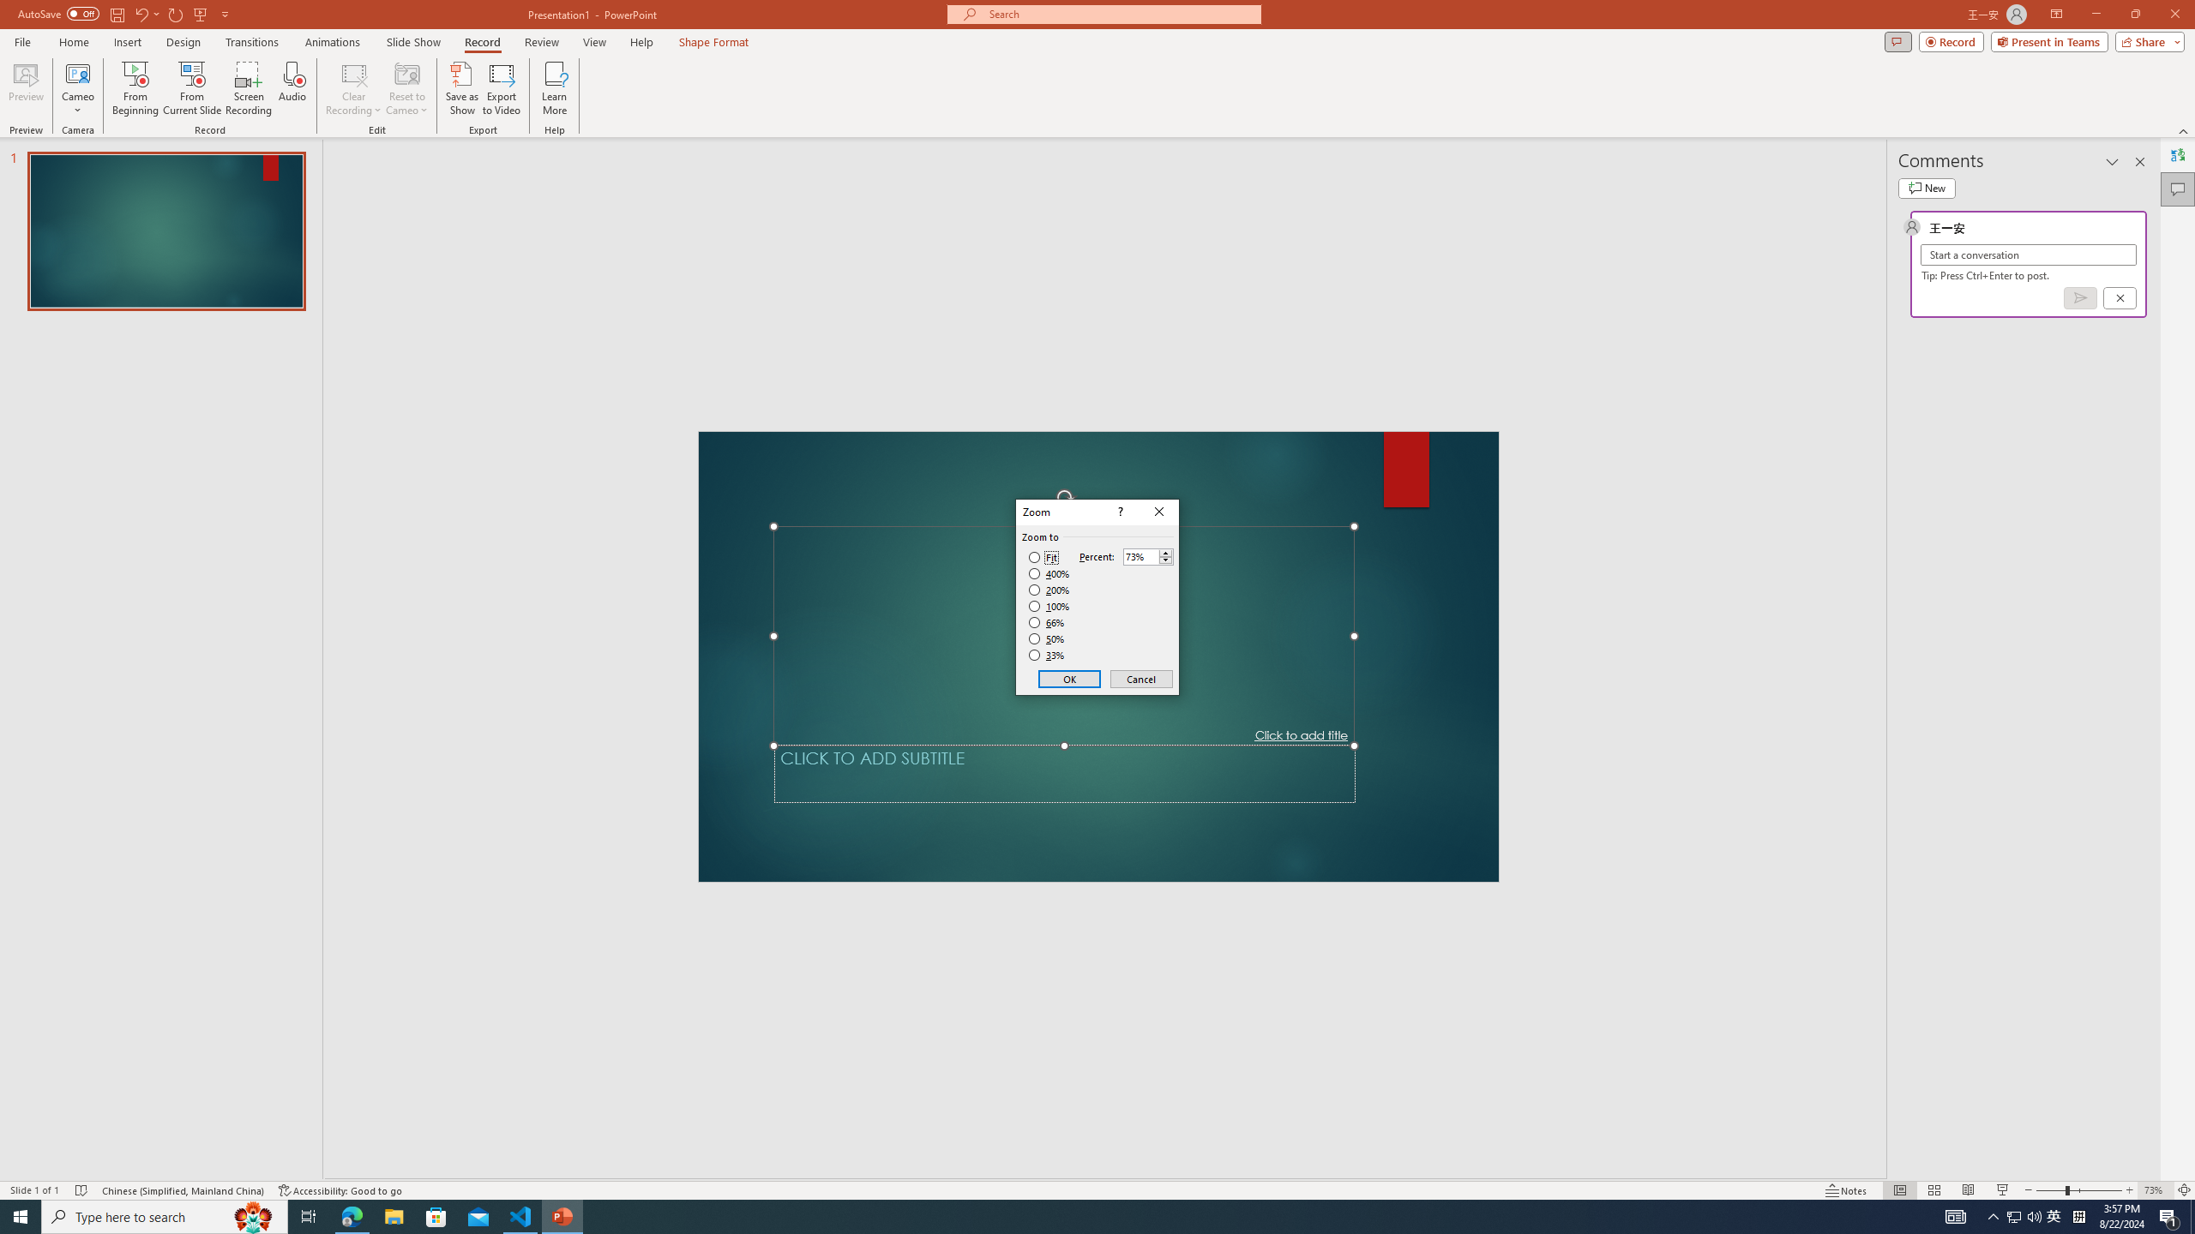 The image size is (2195, 1234). What do you see at coordinates (2013, 1215) in the screenshot?
I see `'AutomationID: 4105'` at bounding box center [2013, 1215].